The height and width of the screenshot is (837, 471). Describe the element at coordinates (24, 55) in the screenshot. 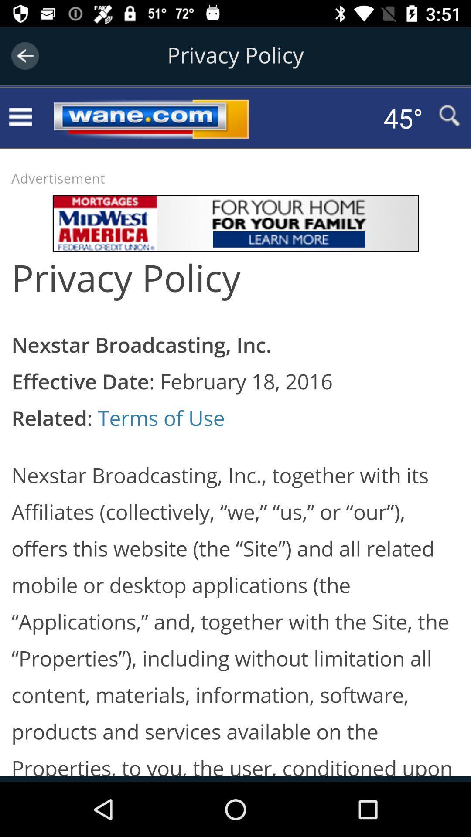

I see `the arrow_backward icon` at that location.